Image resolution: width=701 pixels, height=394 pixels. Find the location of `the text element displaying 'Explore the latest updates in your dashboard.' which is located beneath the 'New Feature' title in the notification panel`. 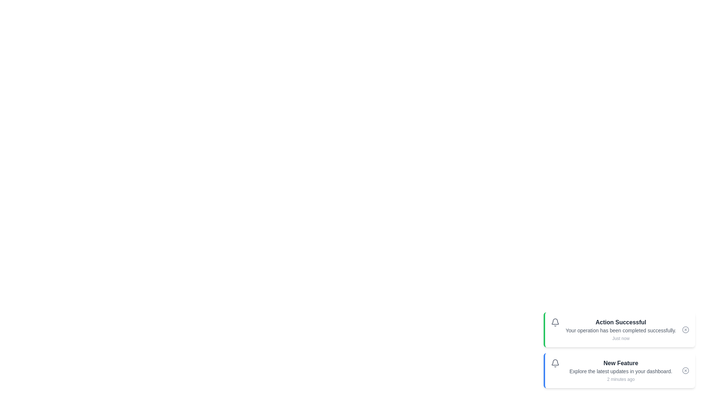

the text element displaying 'Explore the latest updates in your dashboard.' which is located beneath the 'New Feature' title in the notification panel is located at coordinates (620, 371).